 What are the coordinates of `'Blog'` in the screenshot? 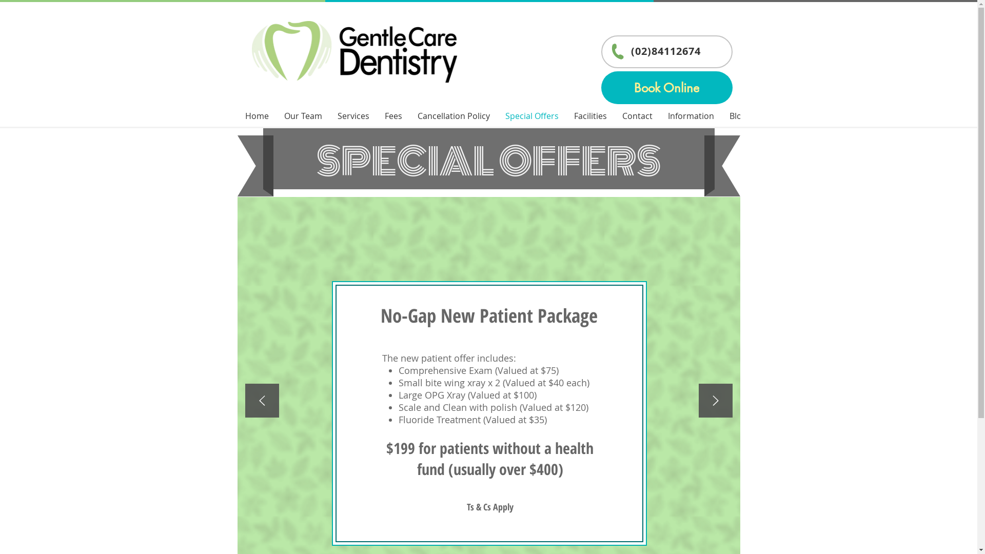 It's located at (737, 116).